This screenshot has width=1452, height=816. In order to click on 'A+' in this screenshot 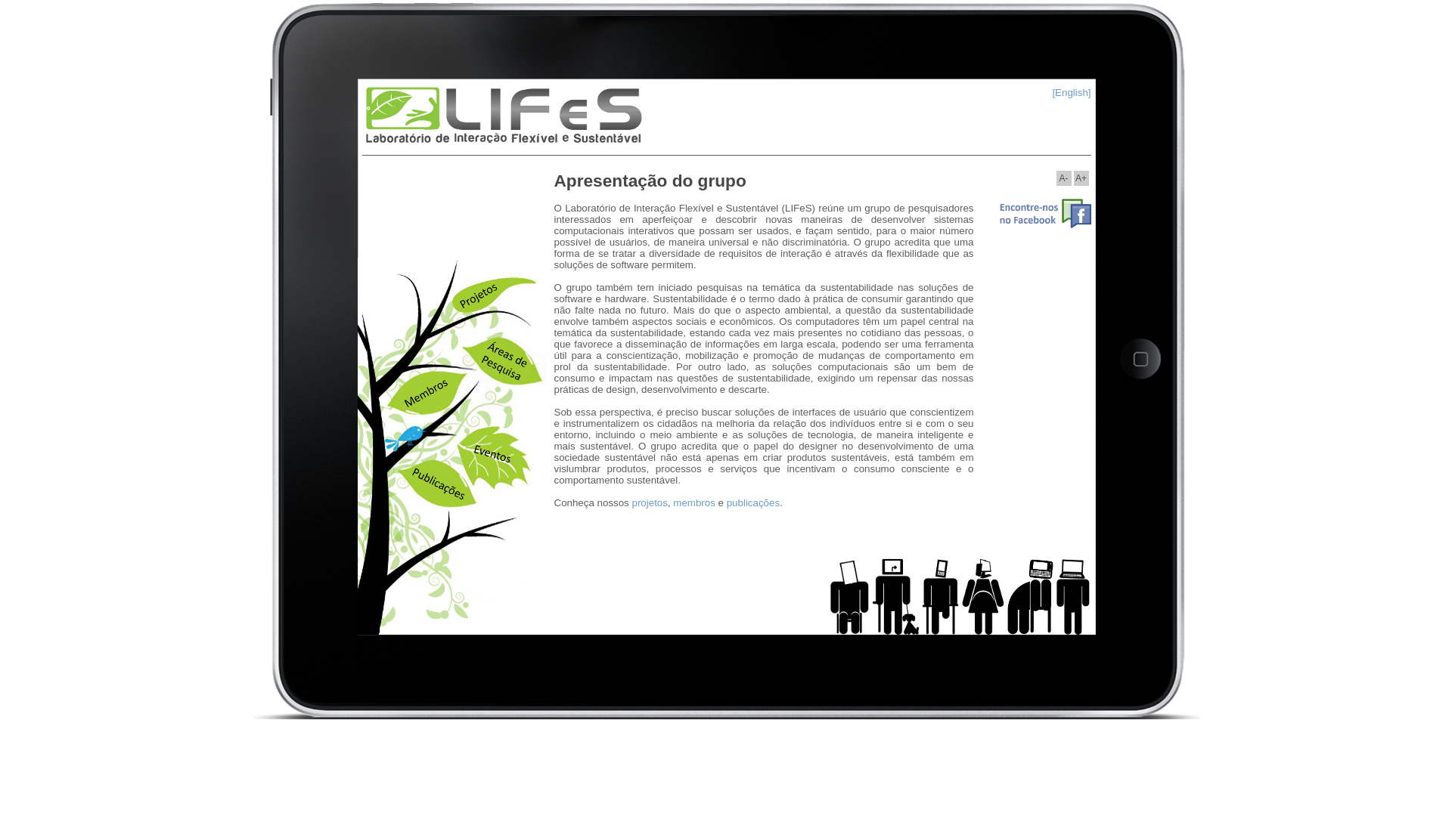, I will do `click(1081, 177)`.